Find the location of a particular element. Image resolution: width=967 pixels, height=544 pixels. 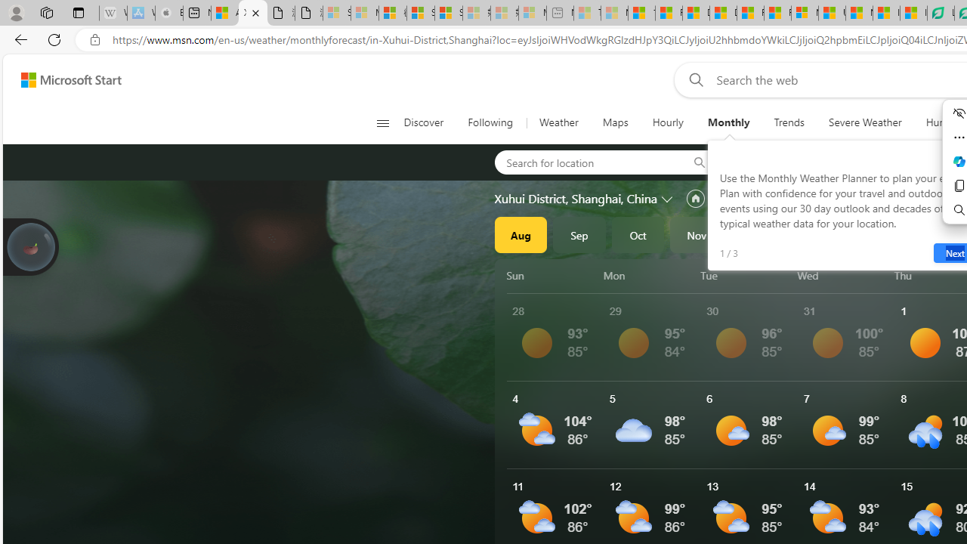

'LendingTree - Compare Lenders' is located at coordinates (940, 13).